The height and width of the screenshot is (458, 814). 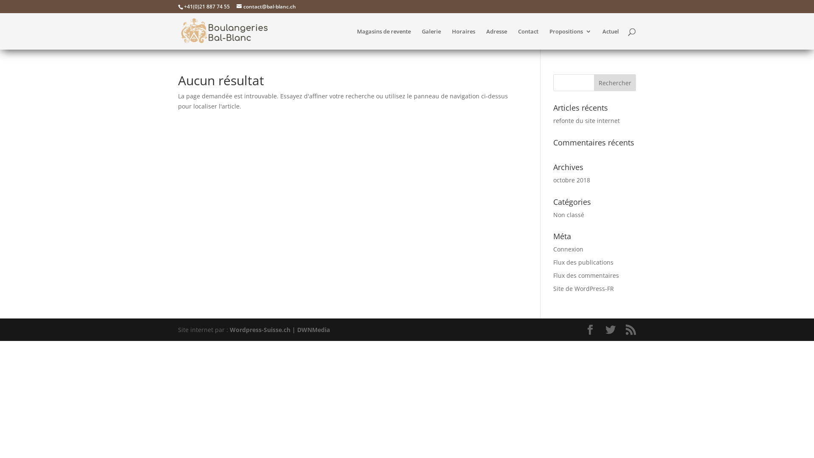 What do you see at coordinates (463, 39) in the screenshot?
I see `'Horaires'` at bounding box center [463, 39].